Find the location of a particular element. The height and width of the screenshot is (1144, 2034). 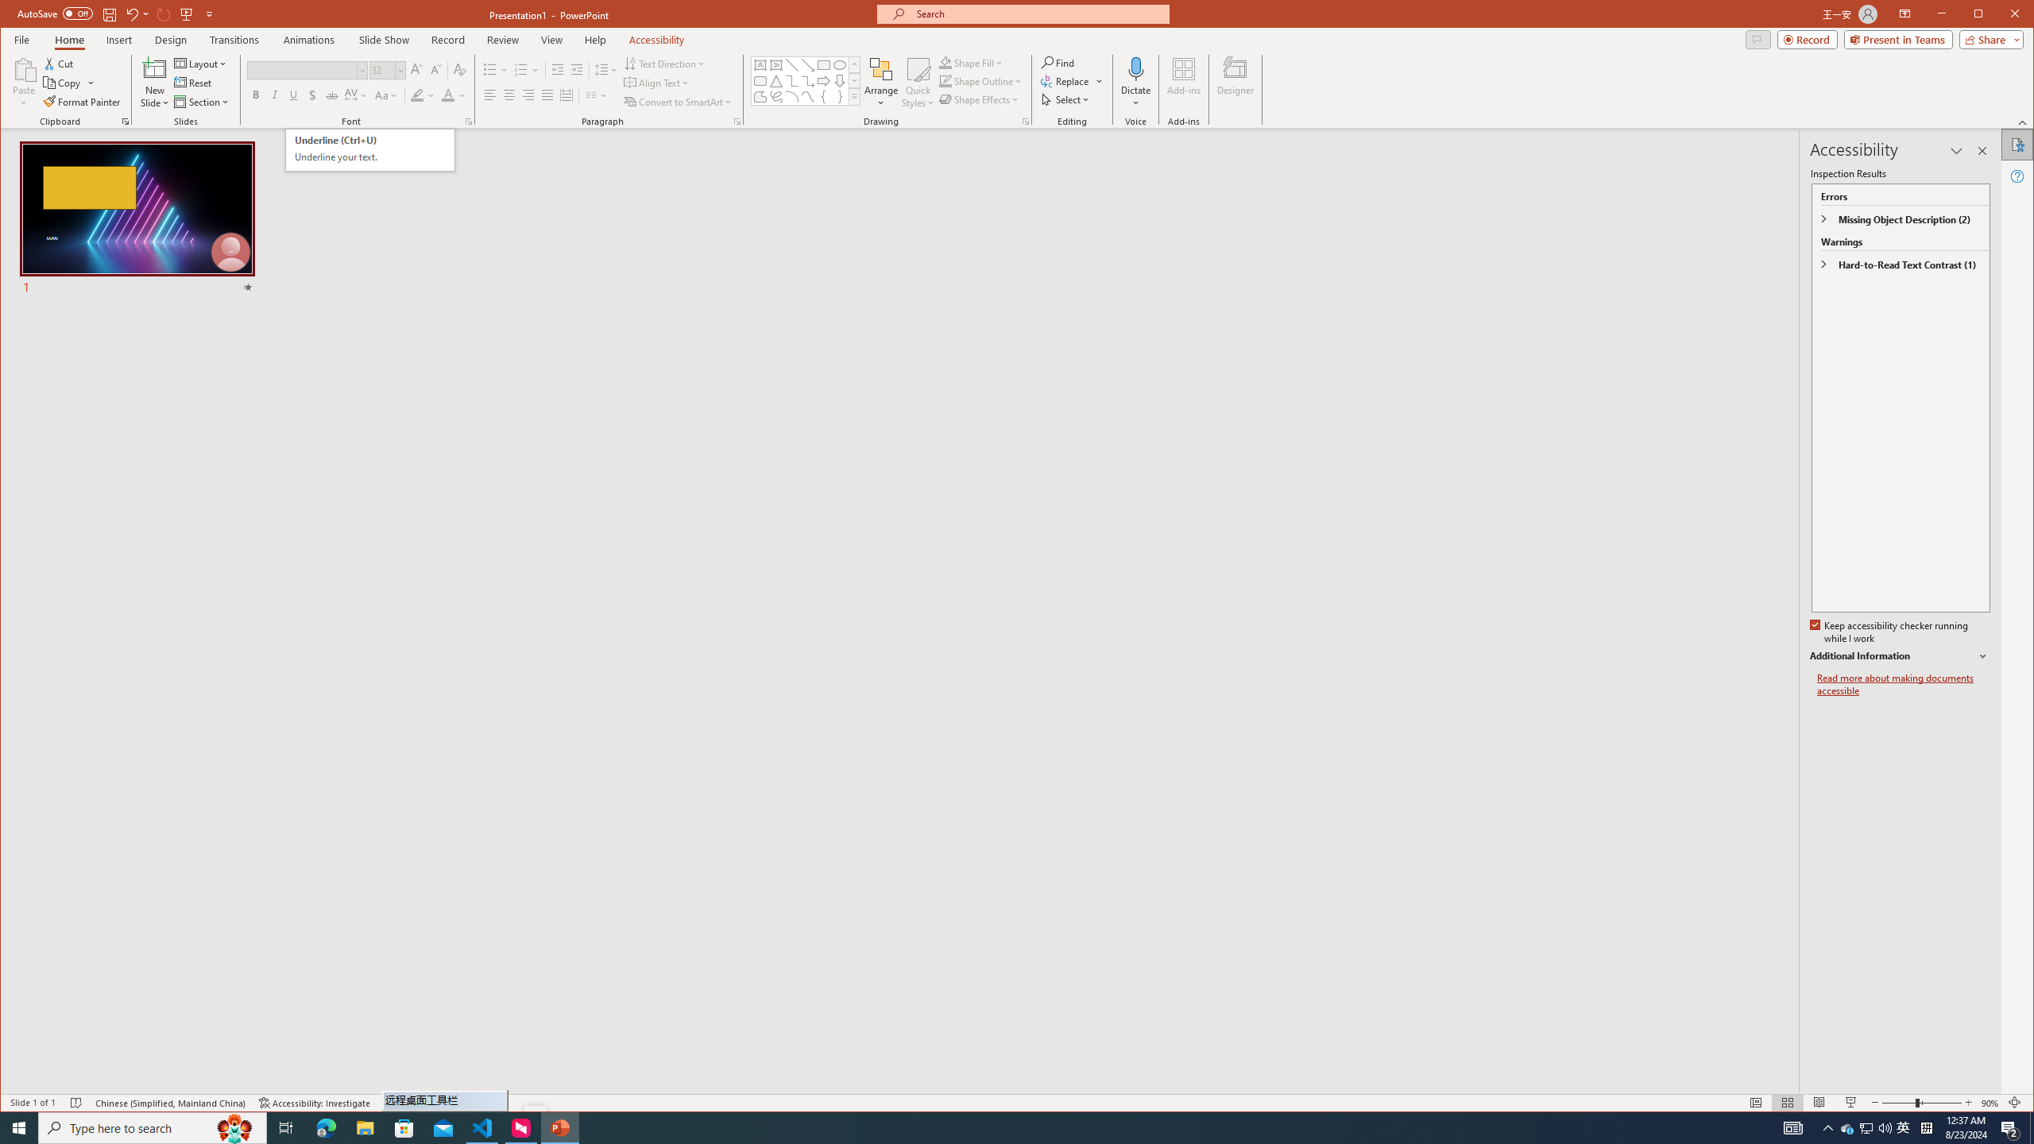

'Zoom 90%' is located at coordinates (1989, 1102).